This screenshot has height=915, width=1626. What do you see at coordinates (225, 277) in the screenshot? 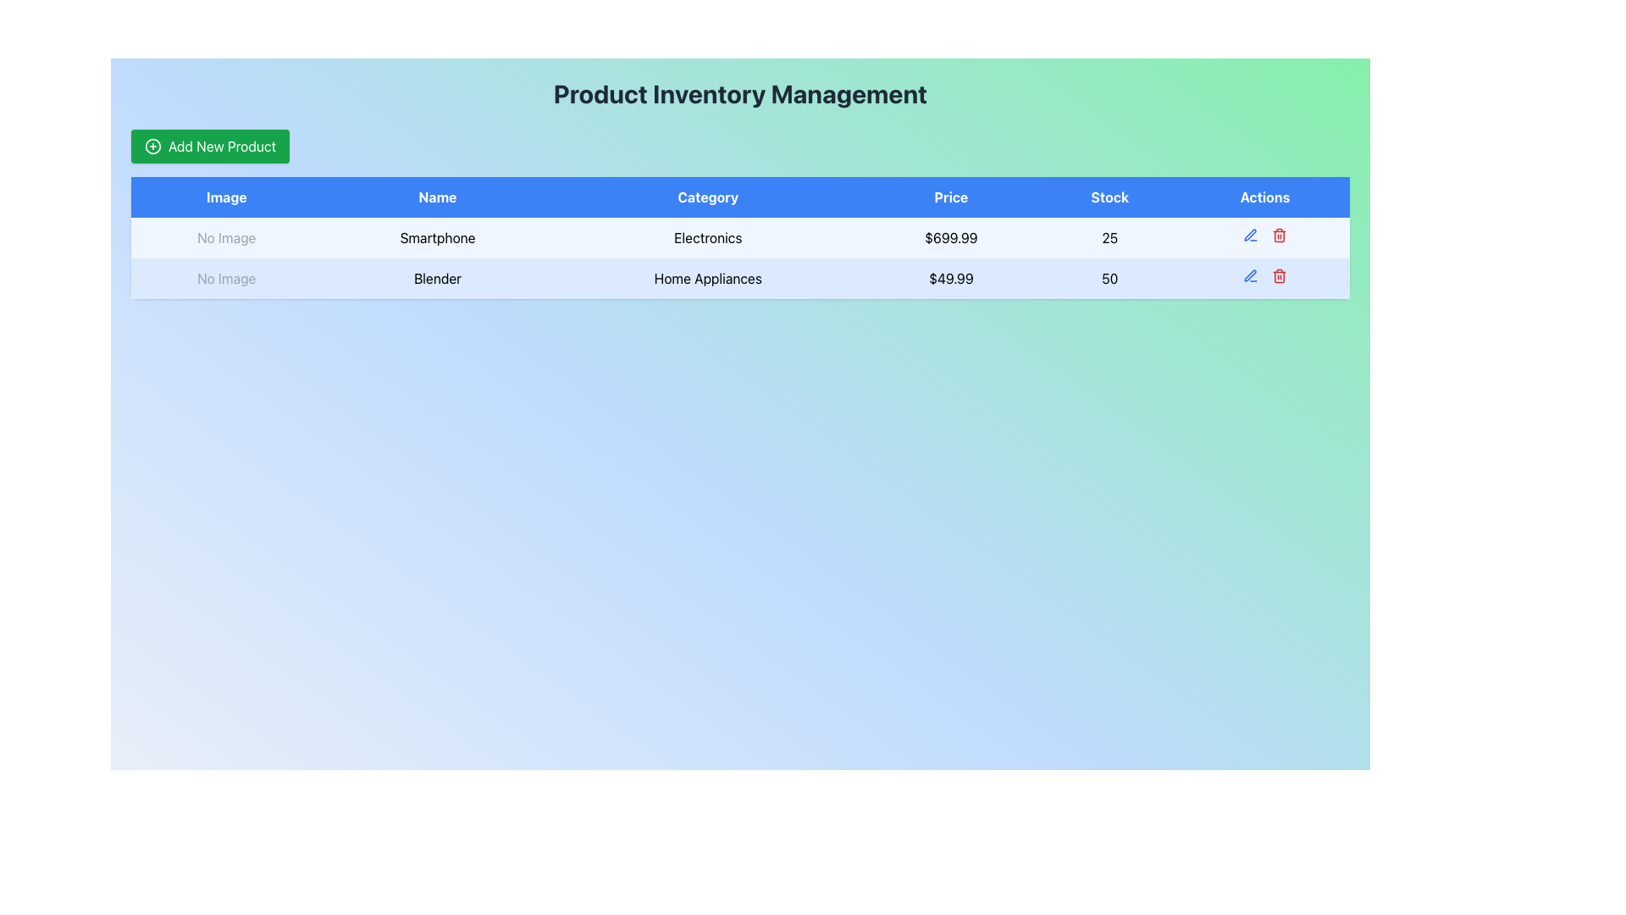
I see `the Text Label in the second cell of the first column labeled 'Image' in the second row of the table, indicating that no image is available for the associated product 'Blender'` at bounding box center [225, 277].